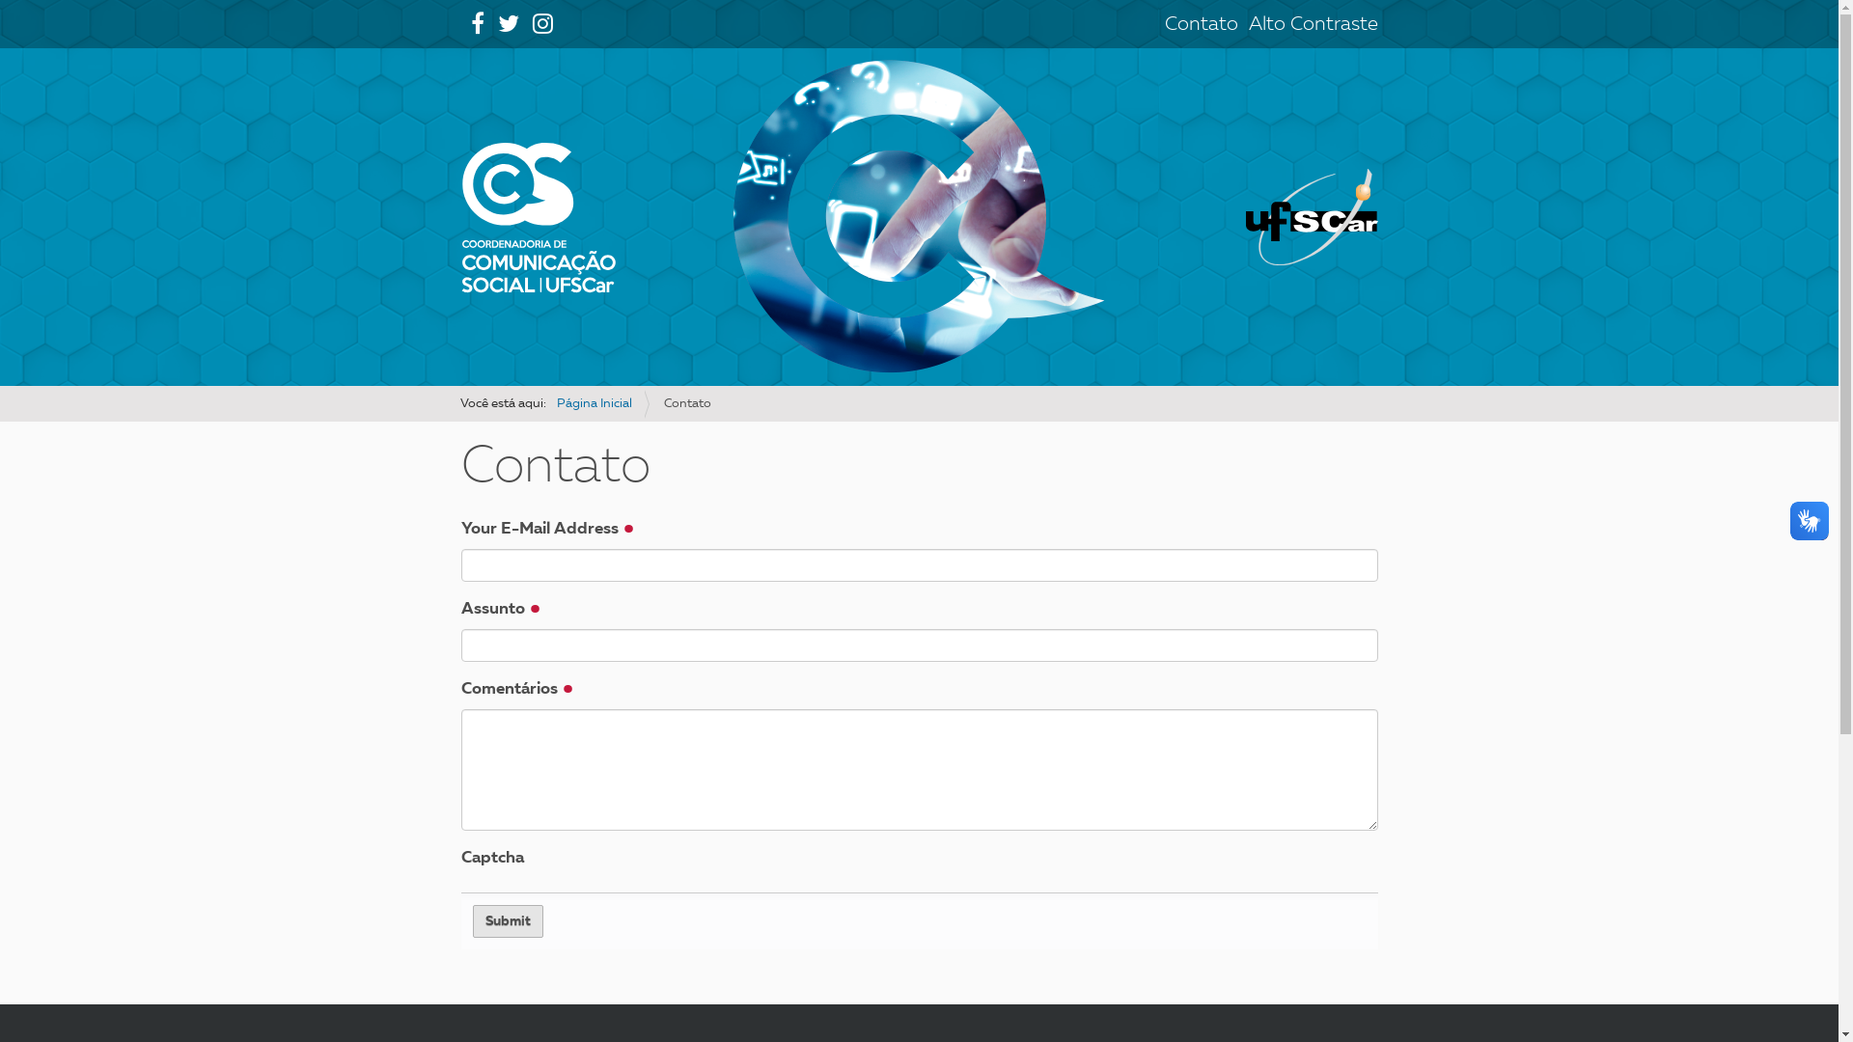  Describe the element at coordinates (1249, 25) in the screenshot. I see `'Alto Contraste'` at that location.